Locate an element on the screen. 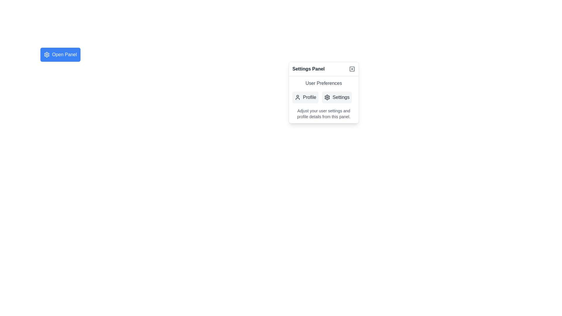 This screenshot has height=316, width=562. the 'Settings' button featuring a cogwheel icon in the 'User Preferences' section of the 'Settings Panel' is located at coordinates (337, 97).